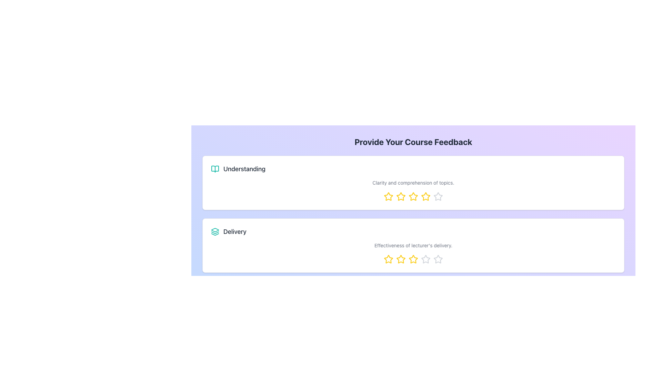 The image size is (662, 372). Describe the element at coordinates (215, 169) in the screenshot. I see `the teal colored open book icon with rounded corners located in the upper feedback card labeled 'Understanding', positioned to the left of the text 'Understanding'` at that location.